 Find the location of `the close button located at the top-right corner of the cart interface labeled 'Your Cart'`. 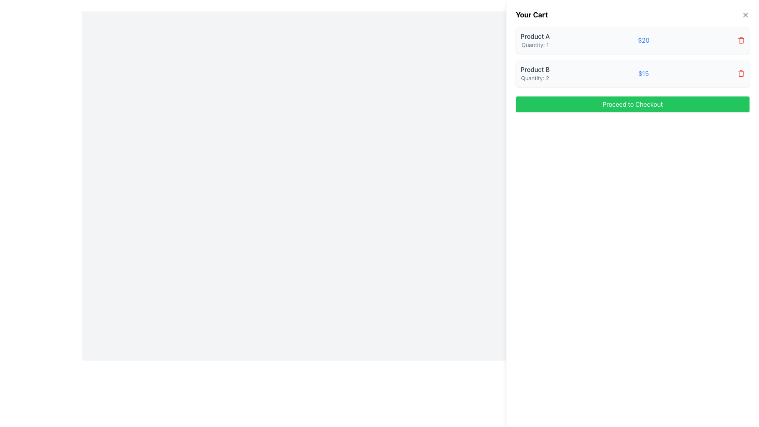

the close button located at the top-right corner of the cart interface labeled 'Your Cart' is located at coordinates (745, 15).